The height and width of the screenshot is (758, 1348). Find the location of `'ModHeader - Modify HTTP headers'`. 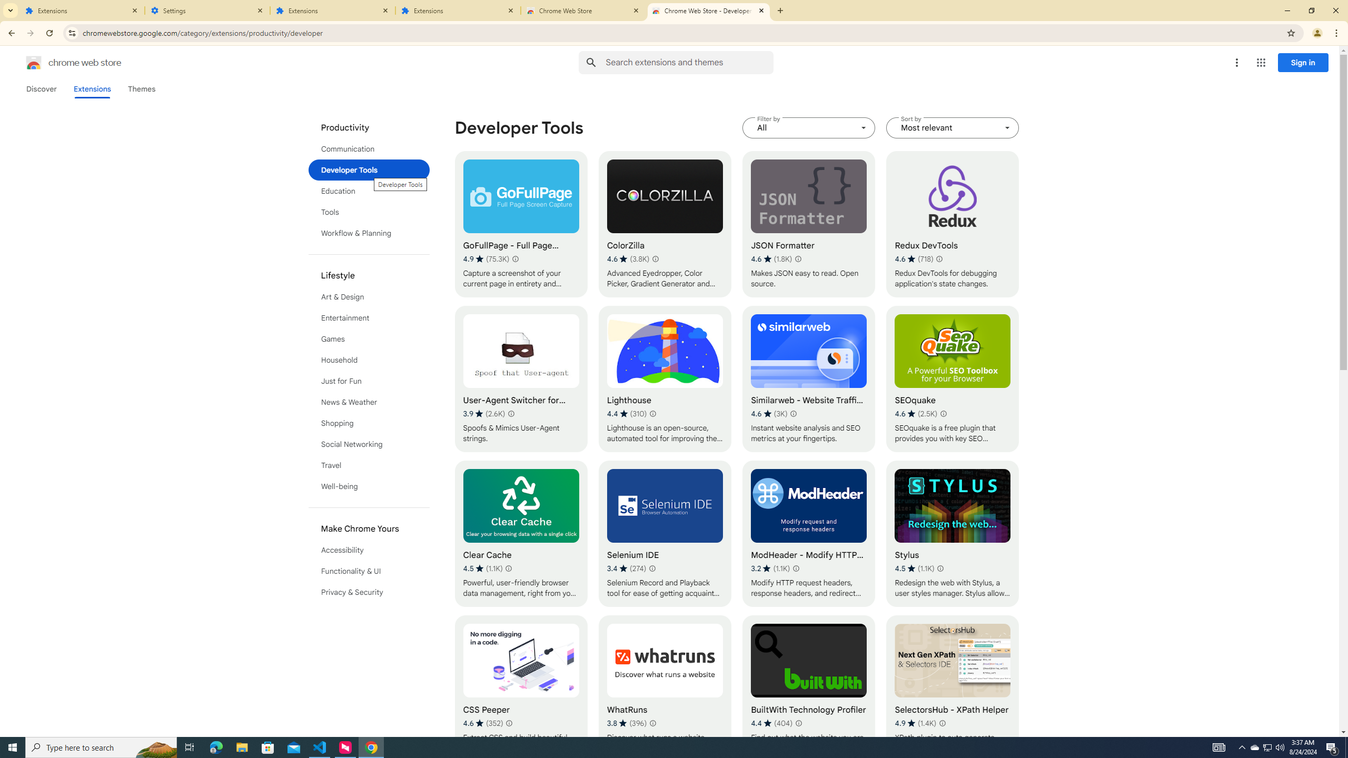

'ModHeader - Modify HTTP headers' is located at coordinates (809, 534).